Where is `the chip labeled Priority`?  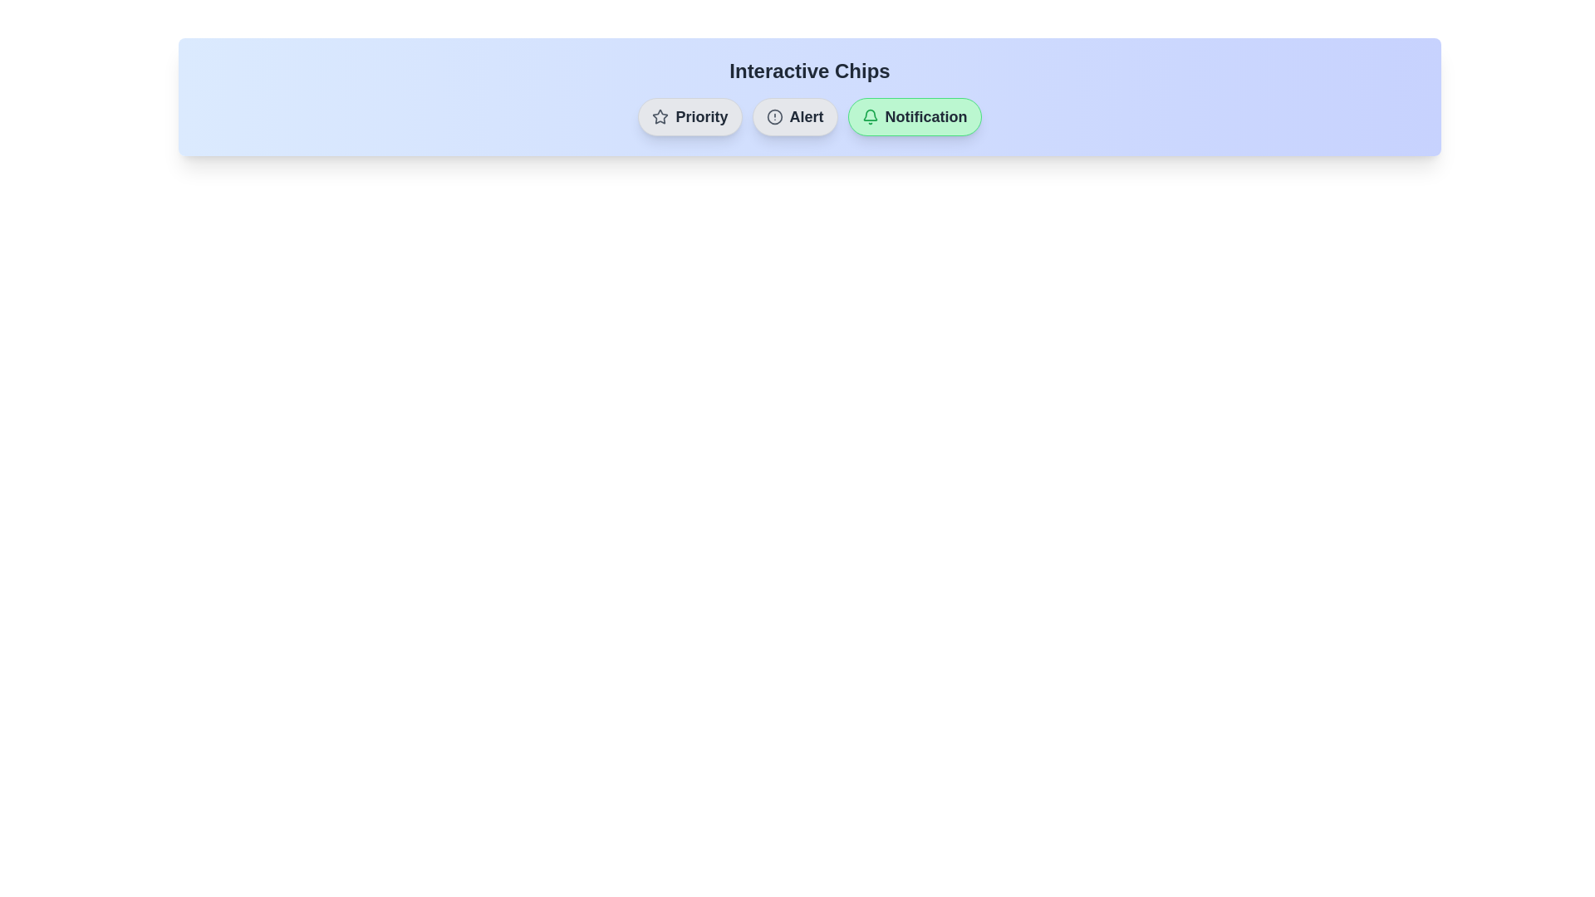 the chip labeled Priority is located at coordinates (690, 116).